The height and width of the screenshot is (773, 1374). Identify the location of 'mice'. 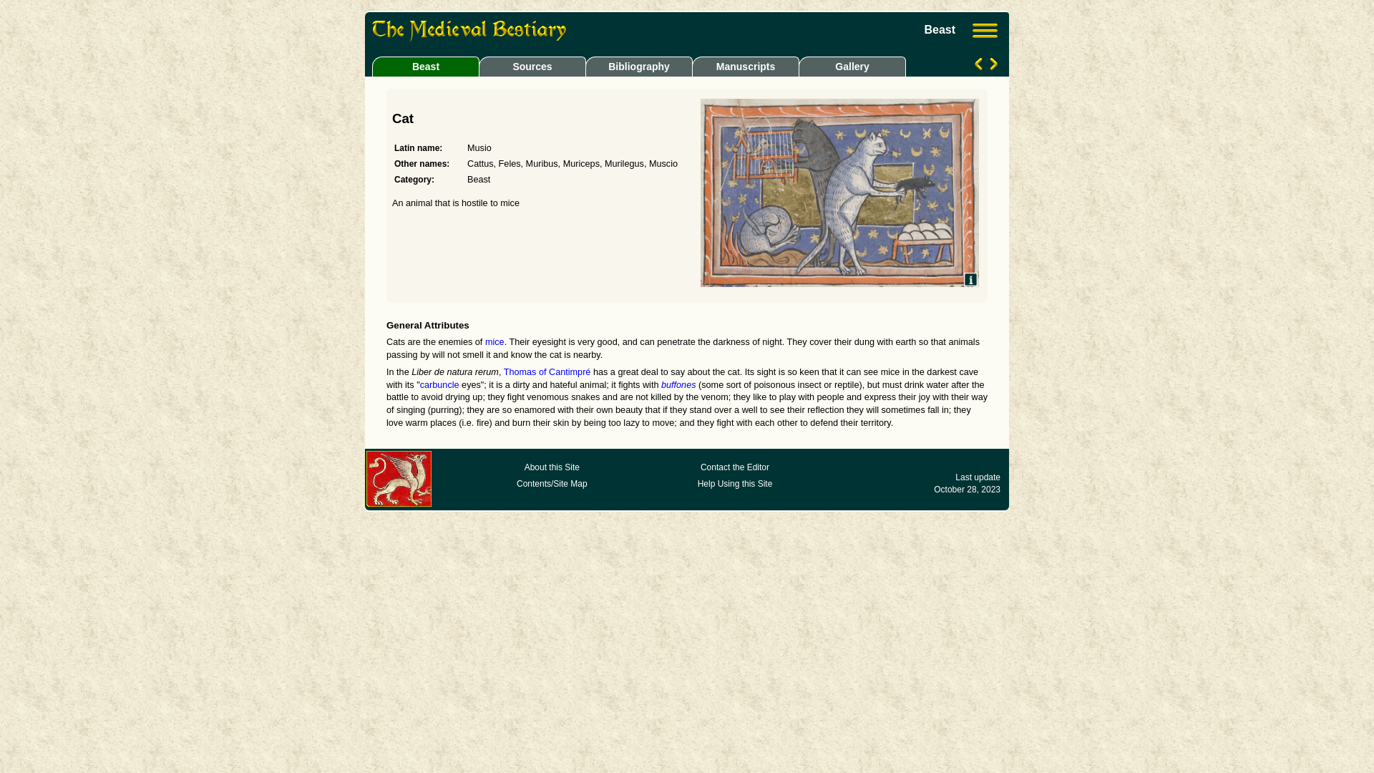
(494, 342).